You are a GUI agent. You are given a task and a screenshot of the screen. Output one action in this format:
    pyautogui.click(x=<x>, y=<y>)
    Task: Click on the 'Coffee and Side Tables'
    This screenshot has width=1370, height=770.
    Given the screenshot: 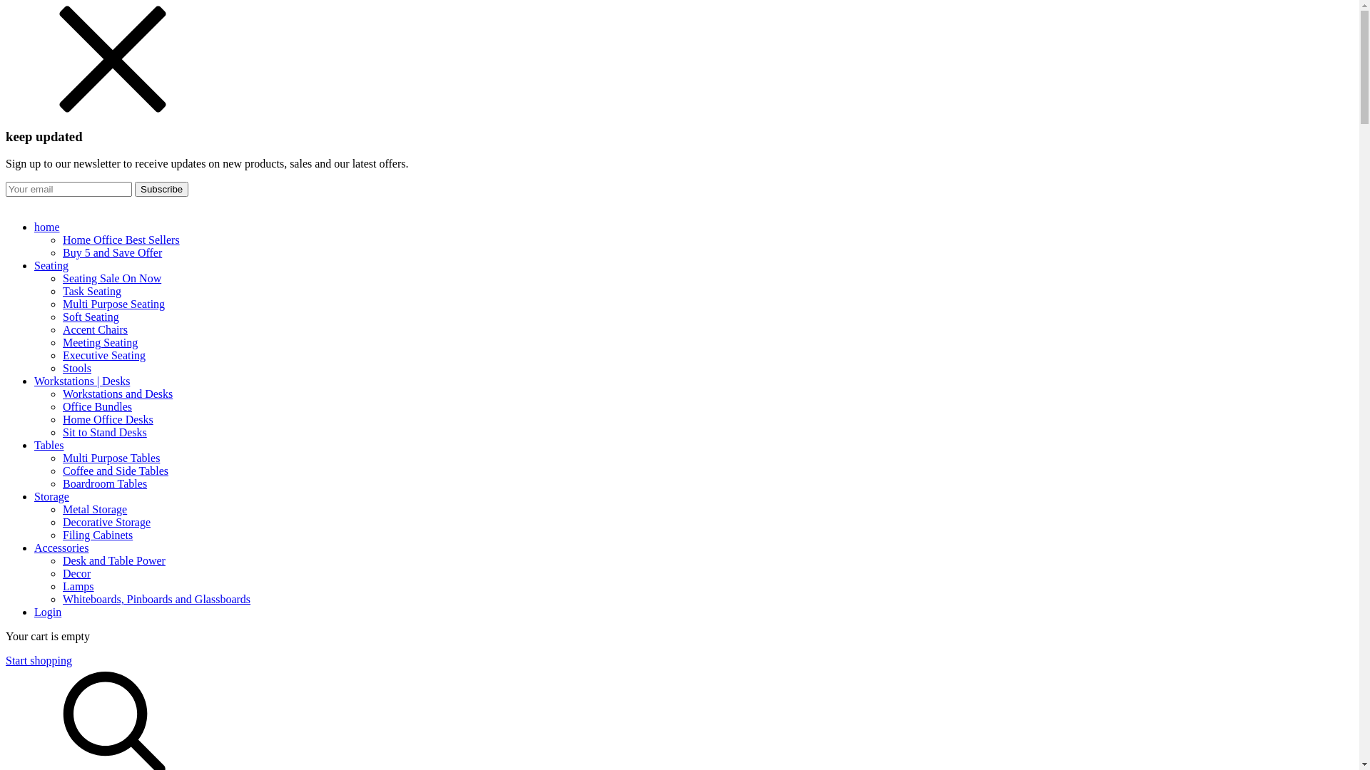 What is the action you would take?
    pyautogui.click(x=116, y=471)
    